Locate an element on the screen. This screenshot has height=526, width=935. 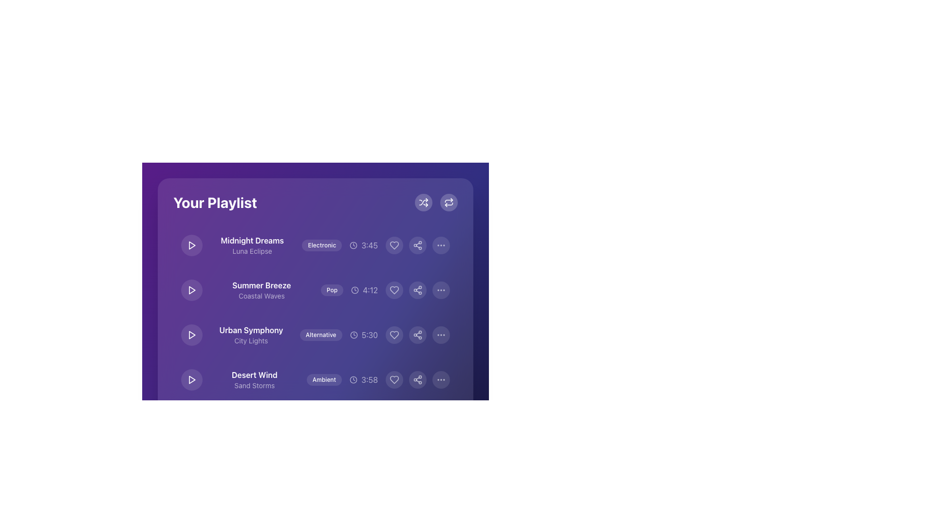
the second button in the upper-right corner of the interface is located at coordinates (448, 202).